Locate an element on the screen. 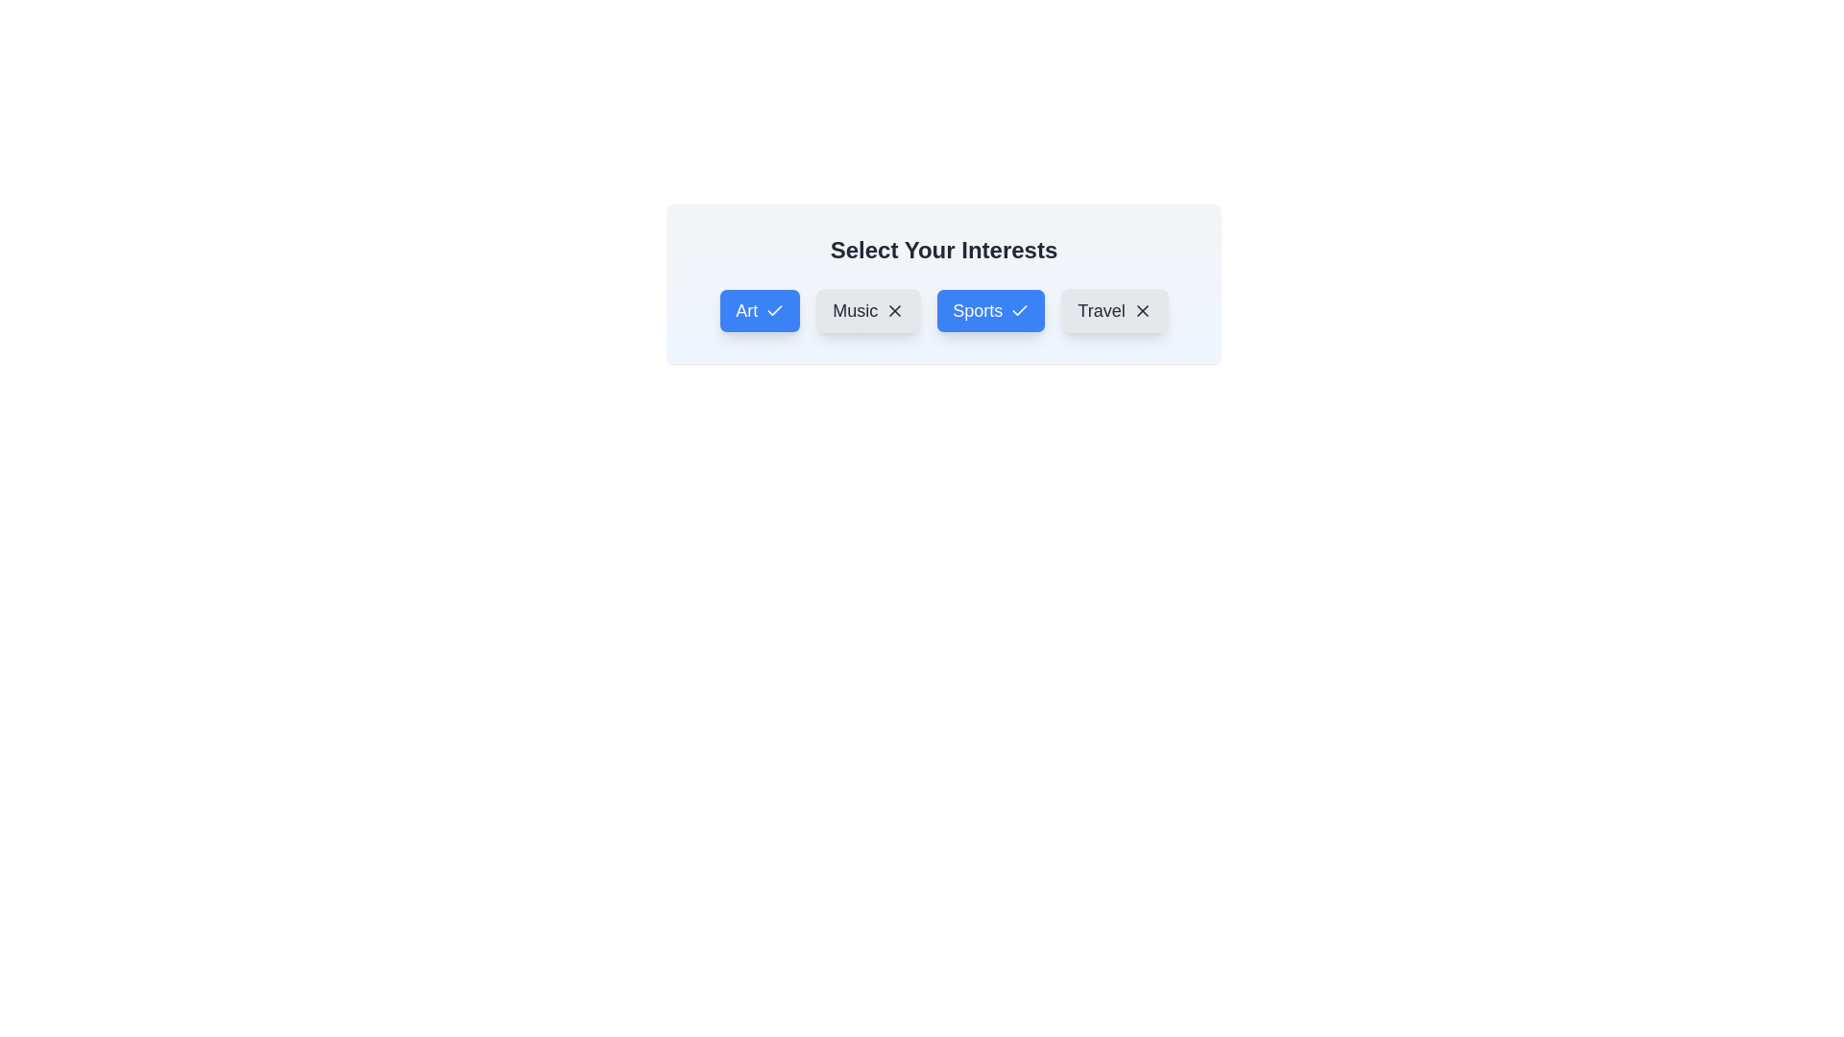 The width and height of the screenshot is (1844, 1037). the interest item Art is located at coordinates (759, 310).